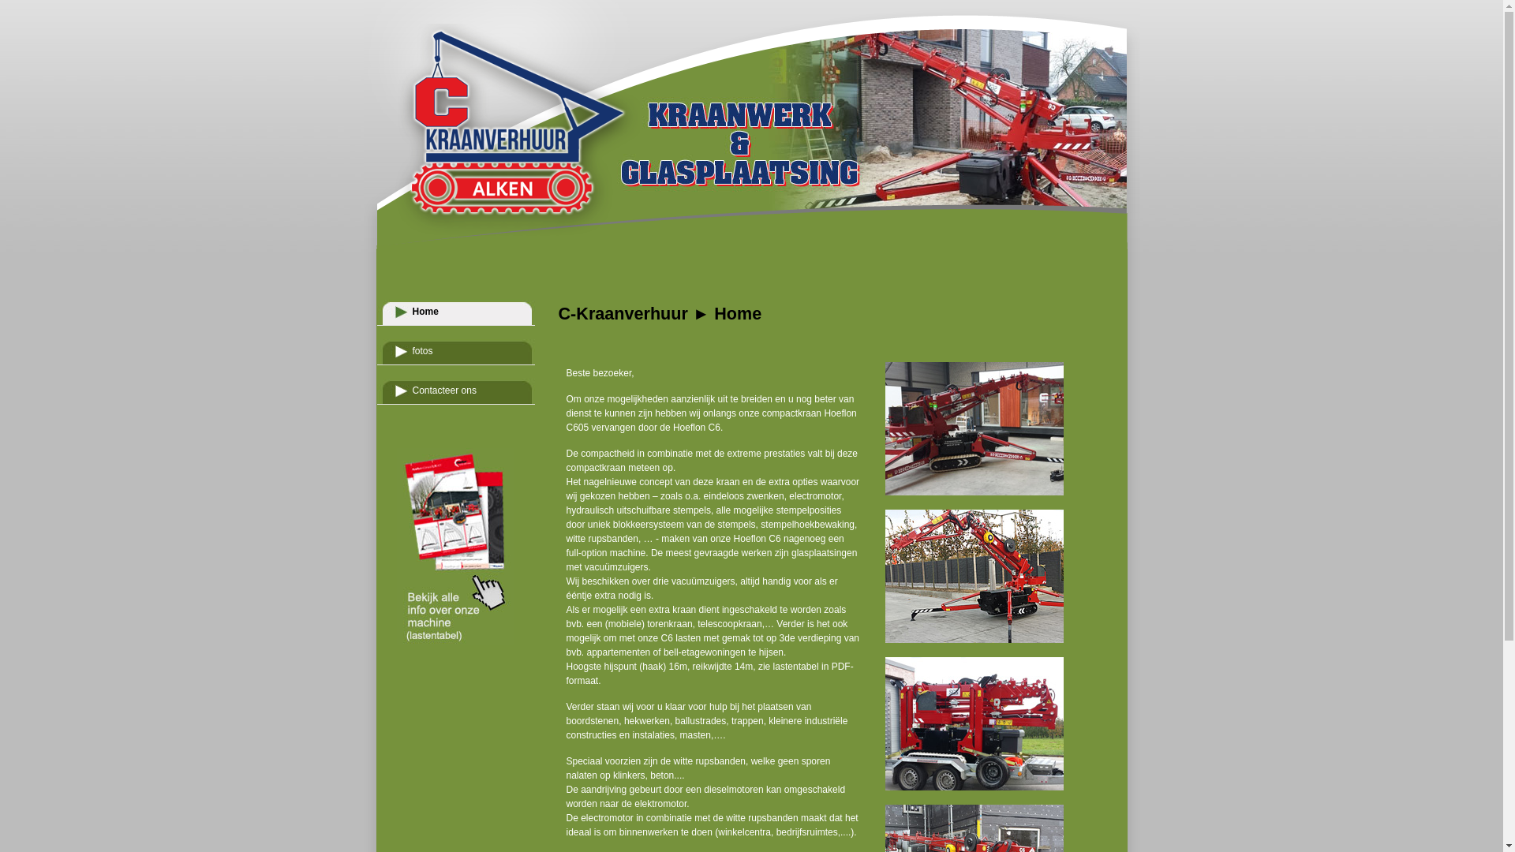 Image resolution: width=1515 pixels, height=852 pixels. Describe the element at coordinates (499, 296) in the screenshot. I see `'home'` at that location.